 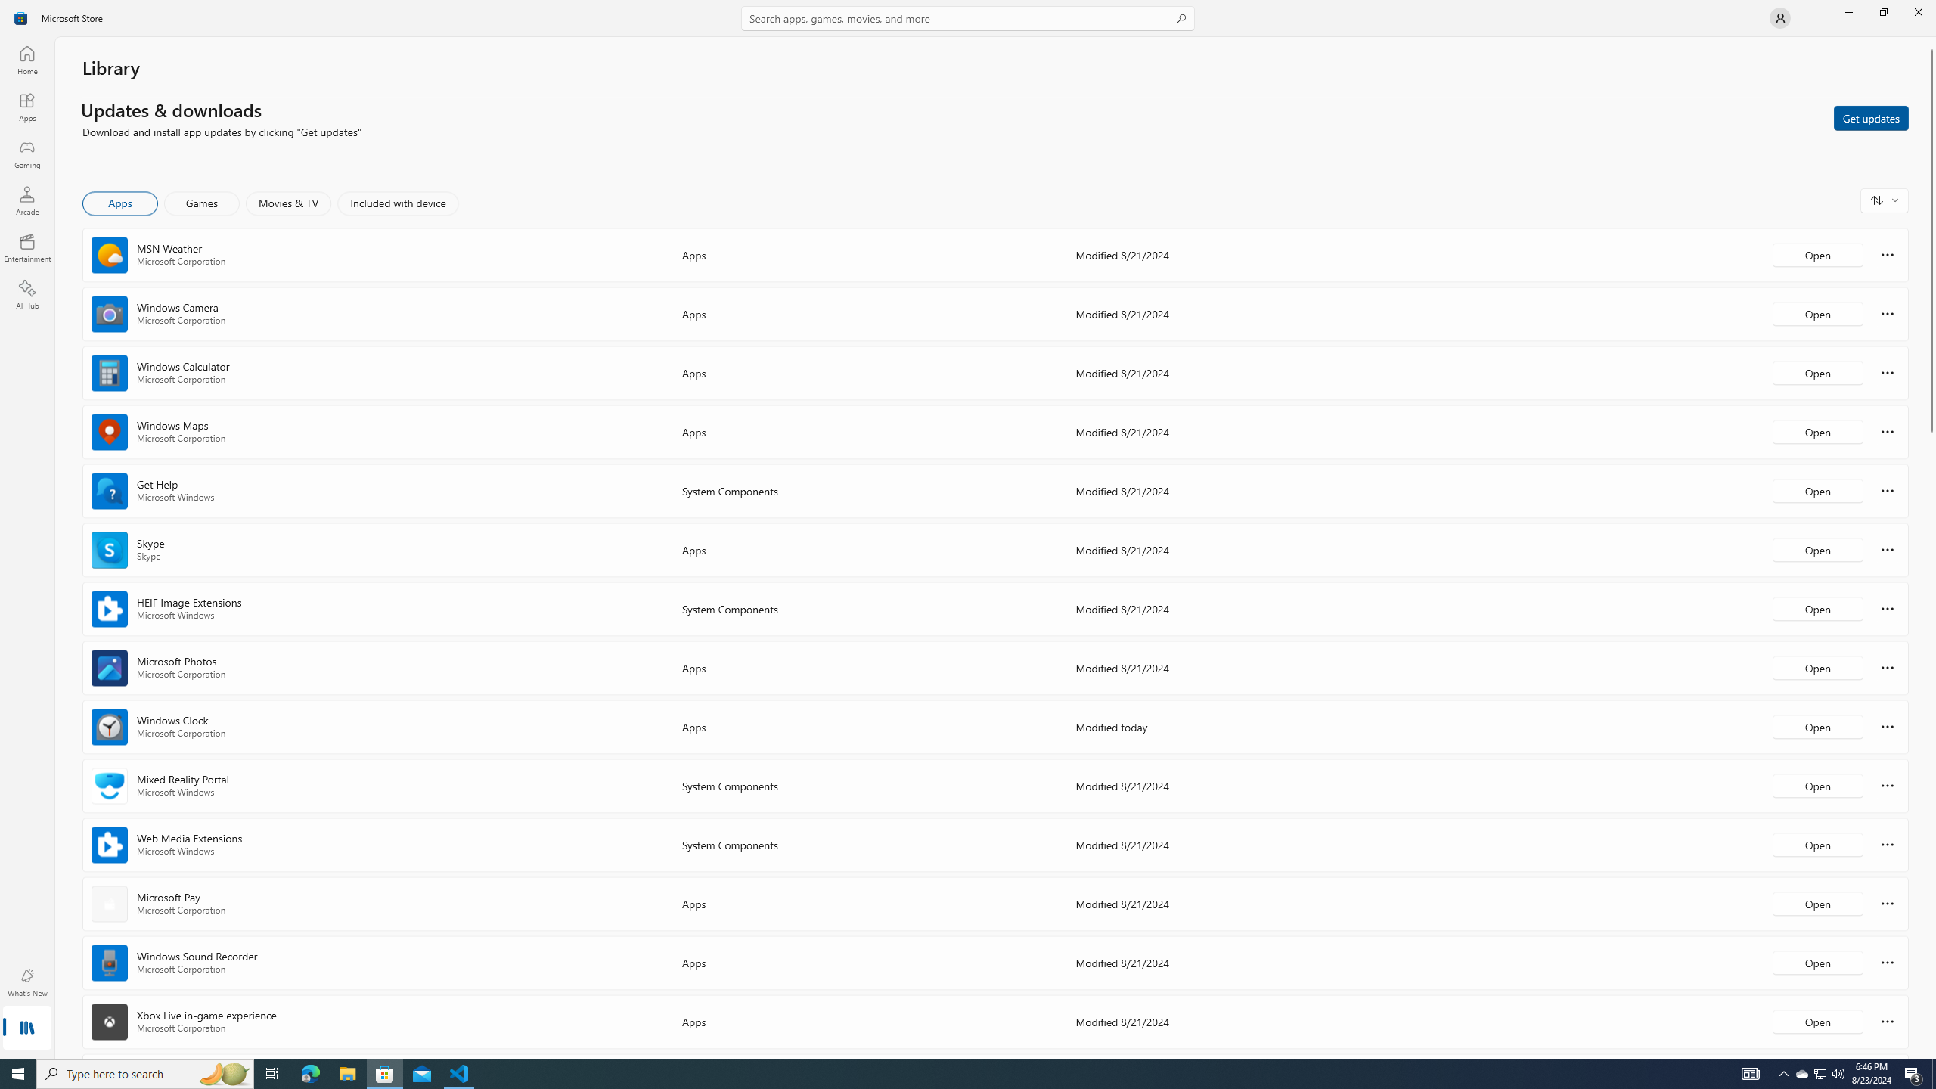 What do you see at coordinates (1871, 116) in the screenshot?
I see `'Get updates'` at bounding box center [1871, 116].